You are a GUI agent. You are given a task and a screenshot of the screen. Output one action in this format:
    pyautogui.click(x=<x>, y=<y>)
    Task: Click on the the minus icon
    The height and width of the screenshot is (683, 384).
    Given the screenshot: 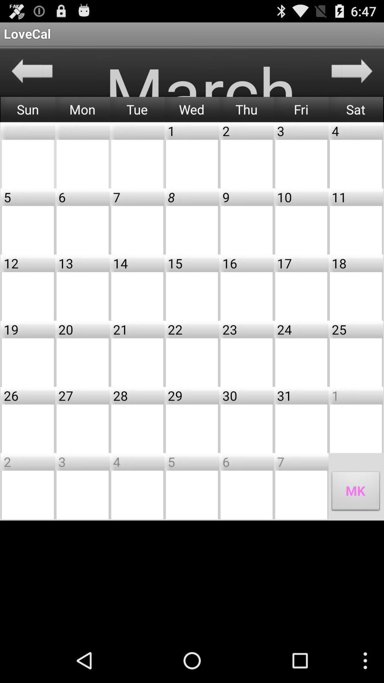 What is the action you would take?
    pyautogui.click(x=137, y=459)
    